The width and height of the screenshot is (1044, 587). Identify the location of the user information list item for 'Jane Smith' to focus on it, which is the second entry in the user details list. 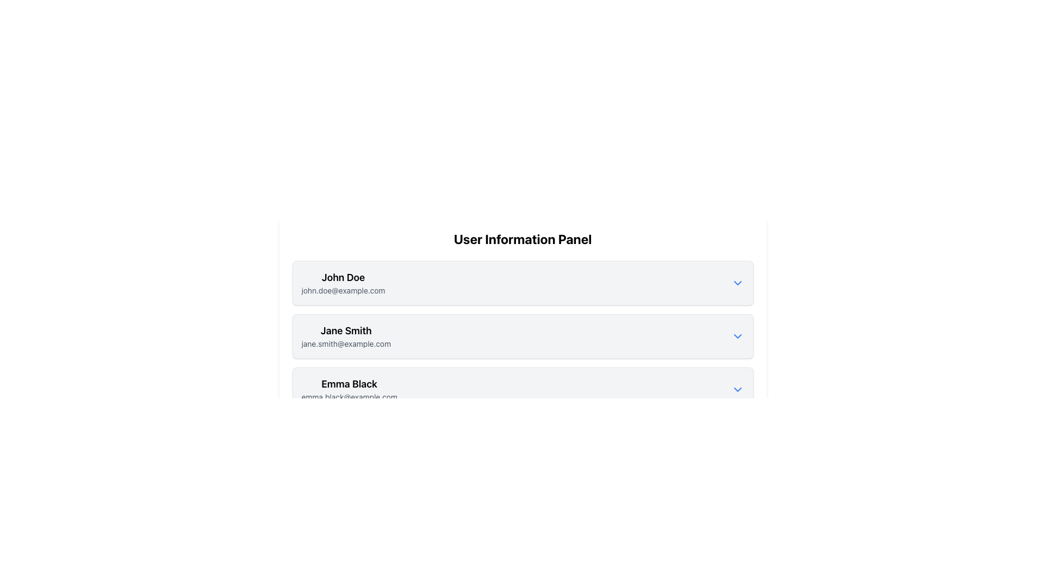
(523, 335).